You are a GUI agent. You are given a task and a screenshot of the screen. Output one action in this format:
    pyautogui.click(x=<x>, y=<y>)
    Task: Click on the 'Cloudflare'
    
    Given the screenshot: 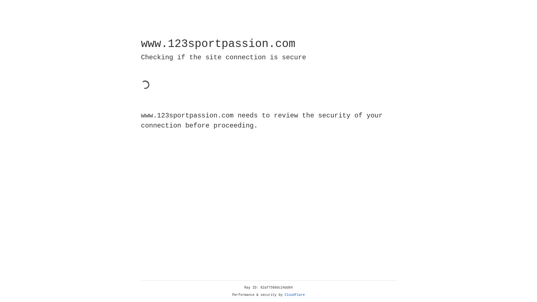 What is the action you would take?
    pyautogui.click(x=295, y=295)
    